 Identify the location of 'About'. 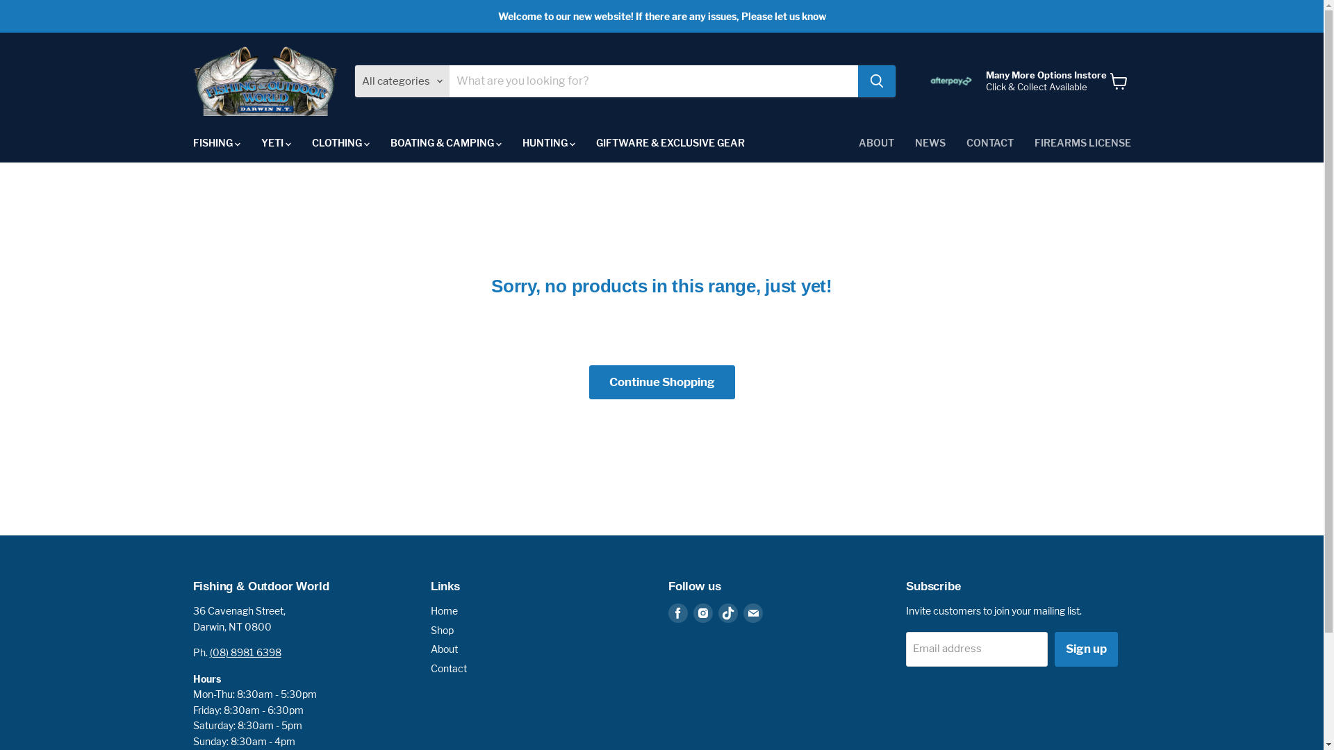
(443, 649).